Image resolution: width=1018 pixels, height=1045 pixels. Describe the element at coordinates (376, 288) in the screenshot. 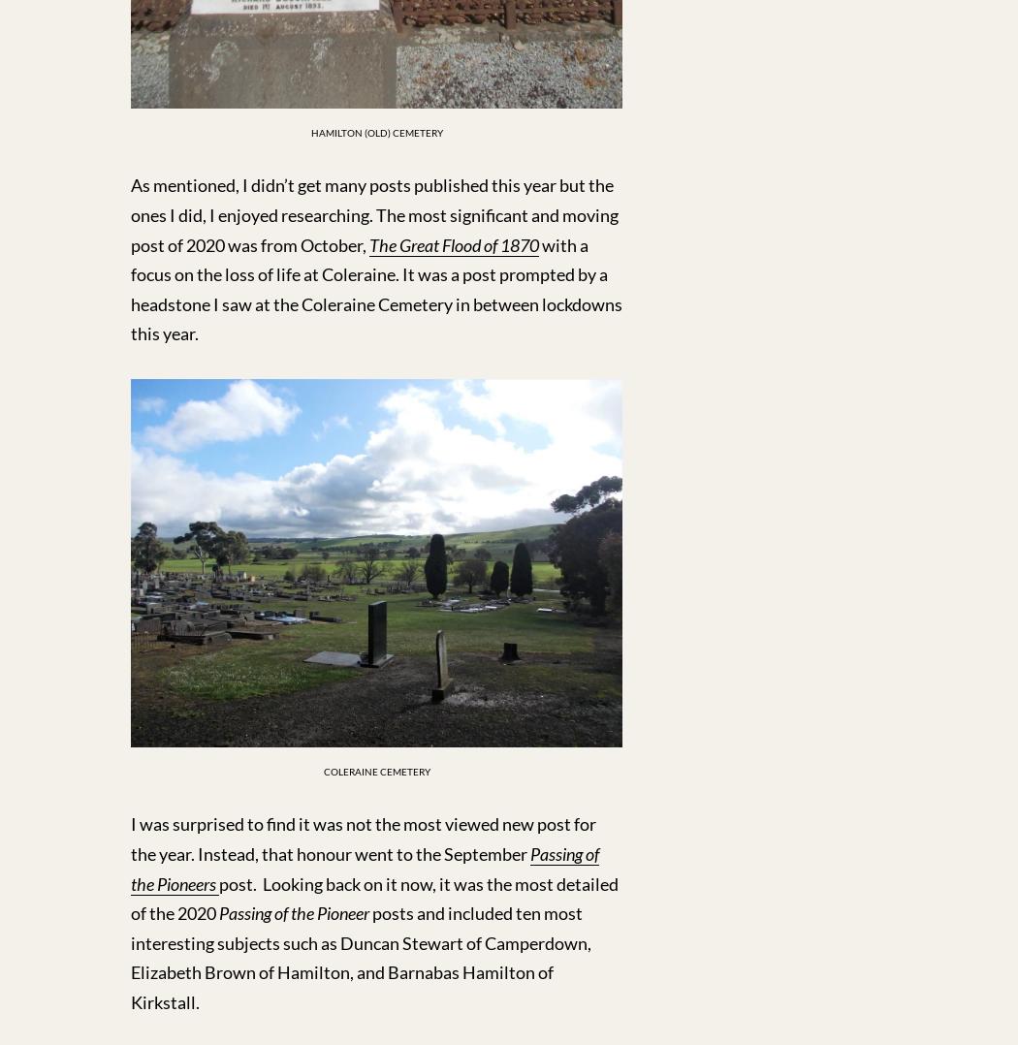

I see `'with a focus on the loss of life at Coleraine. It was a post prompted by a headstone I saw at the Coleraine Cemetery in between lockdowns this year.'` at that location.